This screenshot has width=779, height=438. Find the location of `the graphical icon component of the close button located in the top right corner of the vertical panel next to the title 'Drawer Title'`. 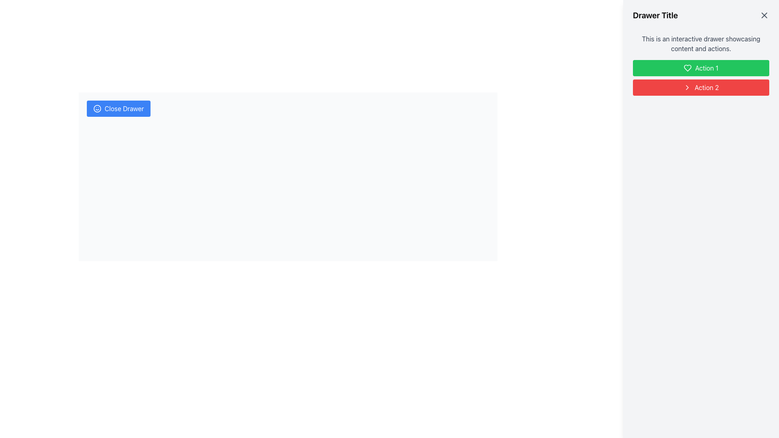

the graphical icon component of the close button located in the top right corner of the vertical panel next to the title 'Drawer Title' is located at coordinates (764, 15).